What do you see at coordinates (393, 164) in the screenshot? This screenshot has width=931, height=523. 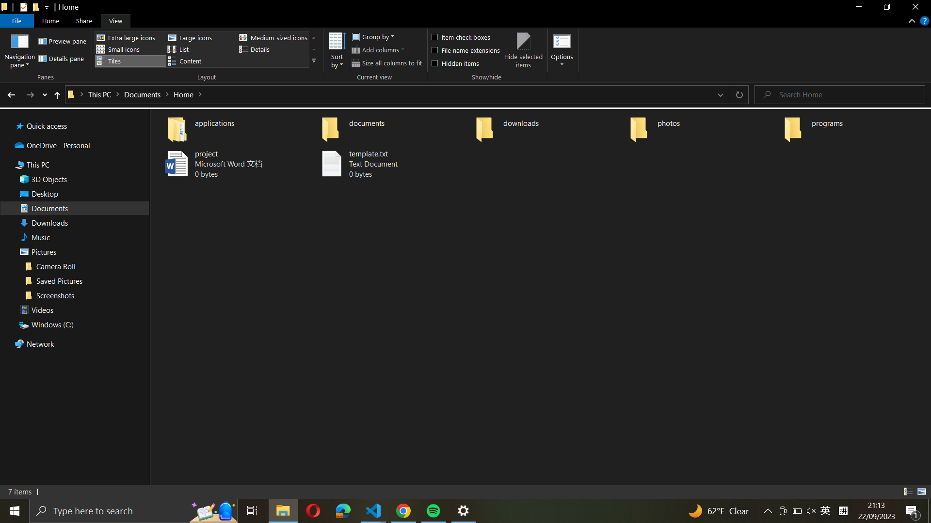 I see `Make a copy of "template.txt" and paste it in the "documents" directory solely using keyboard shortcuts` at bounding box center [393, 164].